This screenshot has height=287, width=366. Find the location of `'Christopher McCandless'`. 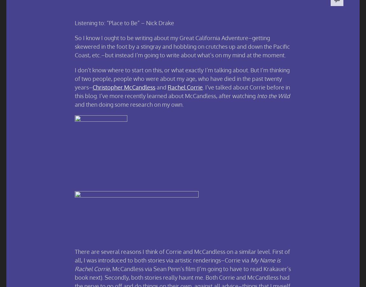

'Christopher McCandless' is located at coordinates (124, 87).